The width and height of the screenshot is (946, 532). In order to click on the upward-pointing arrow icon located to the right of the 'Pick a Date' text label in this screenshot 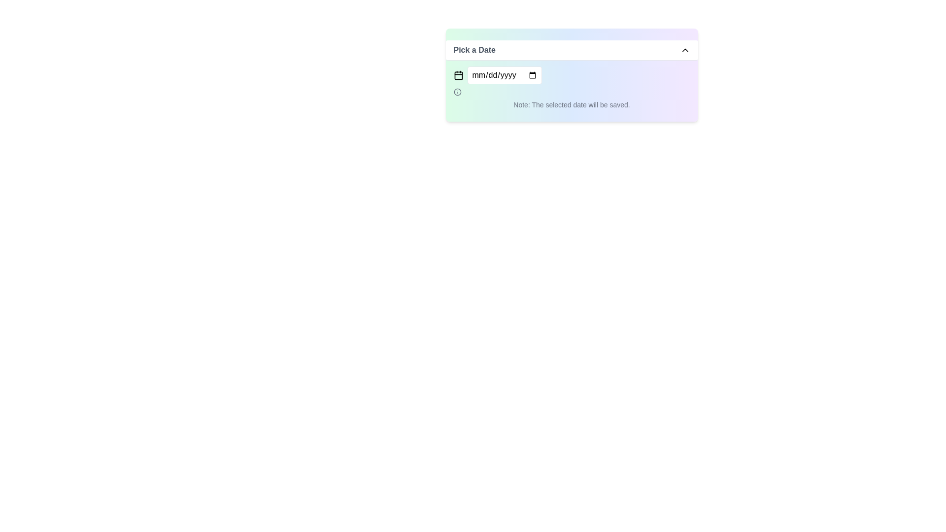, I will do `click(684, 50)`.